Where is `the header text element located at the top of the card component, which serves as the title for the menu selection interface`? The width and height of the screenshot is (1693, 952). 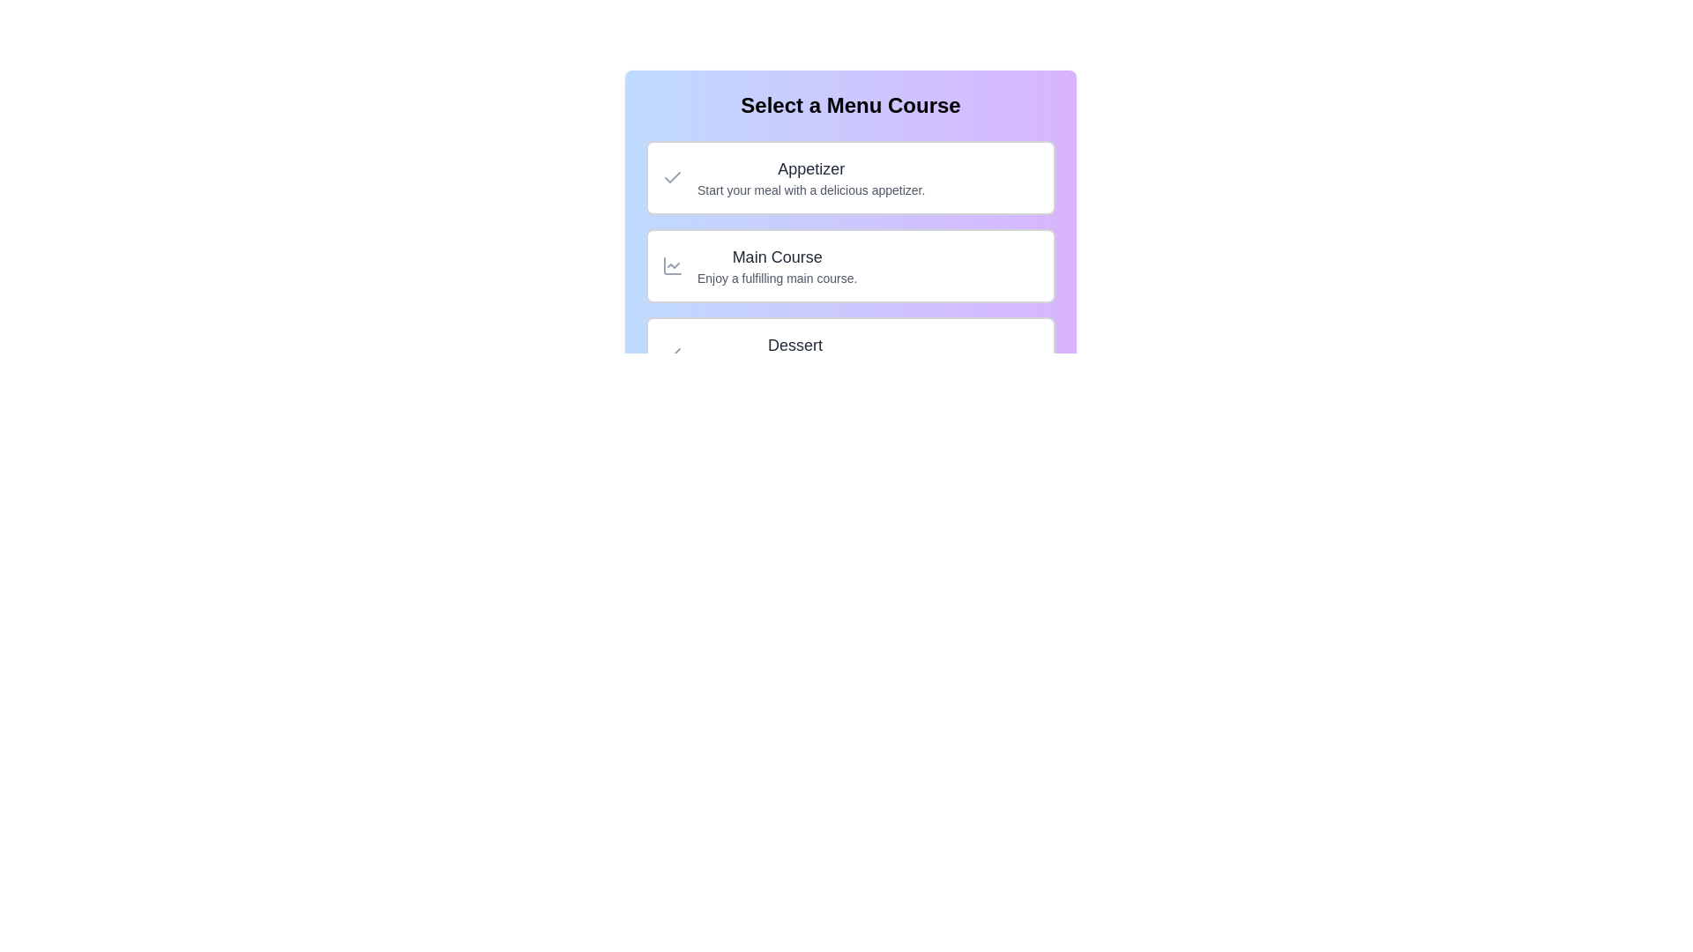
the header text element located at the top of the card component, which serves as the title for the menu selection interface is located at coordinates (850, 105).